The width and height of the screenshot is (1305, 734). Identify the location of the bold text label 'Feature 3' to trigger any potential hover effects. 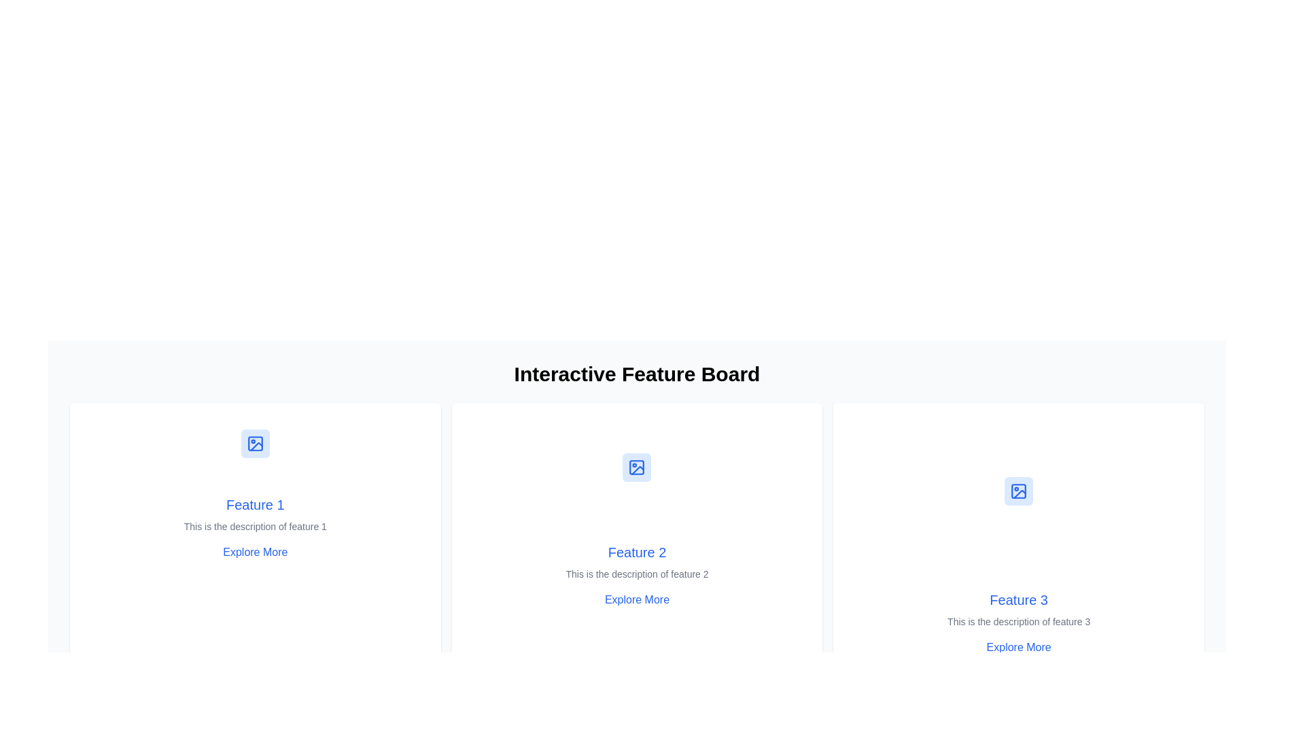
(1019, 599).